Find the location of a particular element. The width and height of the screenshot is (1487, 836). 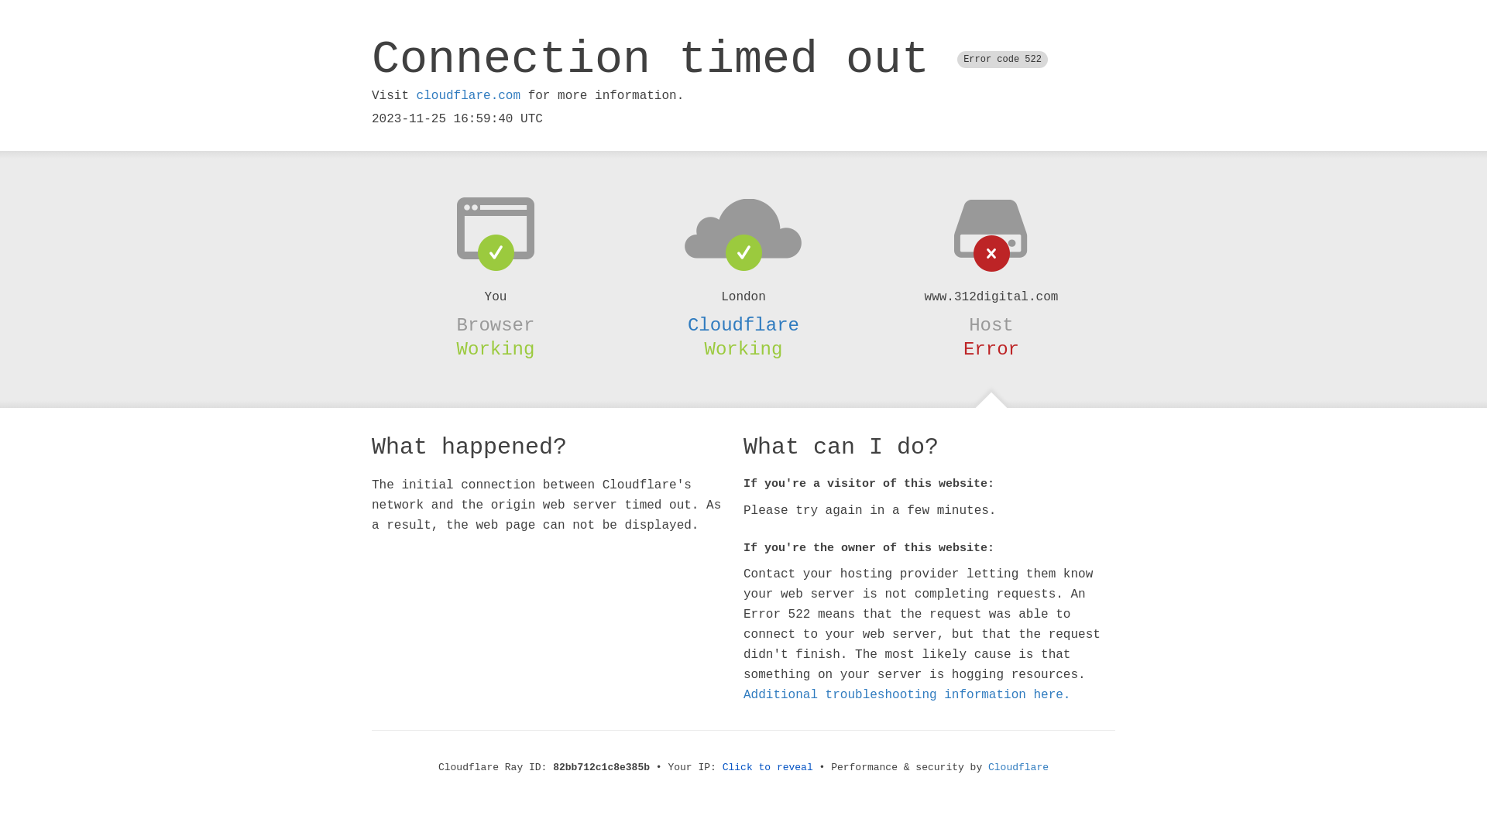

'cloudflare.com' is located at coordinates (467, 95).